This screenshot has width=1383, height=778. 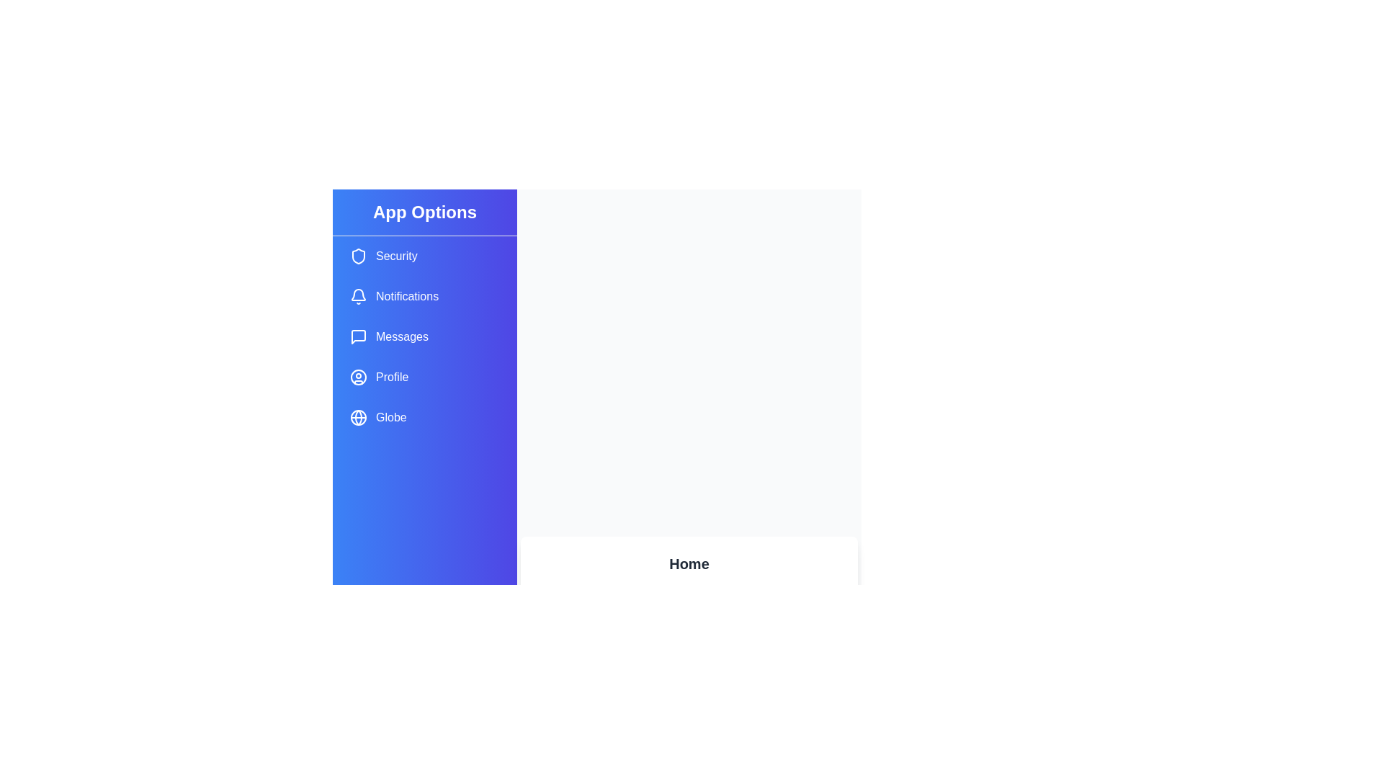 I want to click on the sidebar item corresponding to Globe, so click(x=424, y=417).